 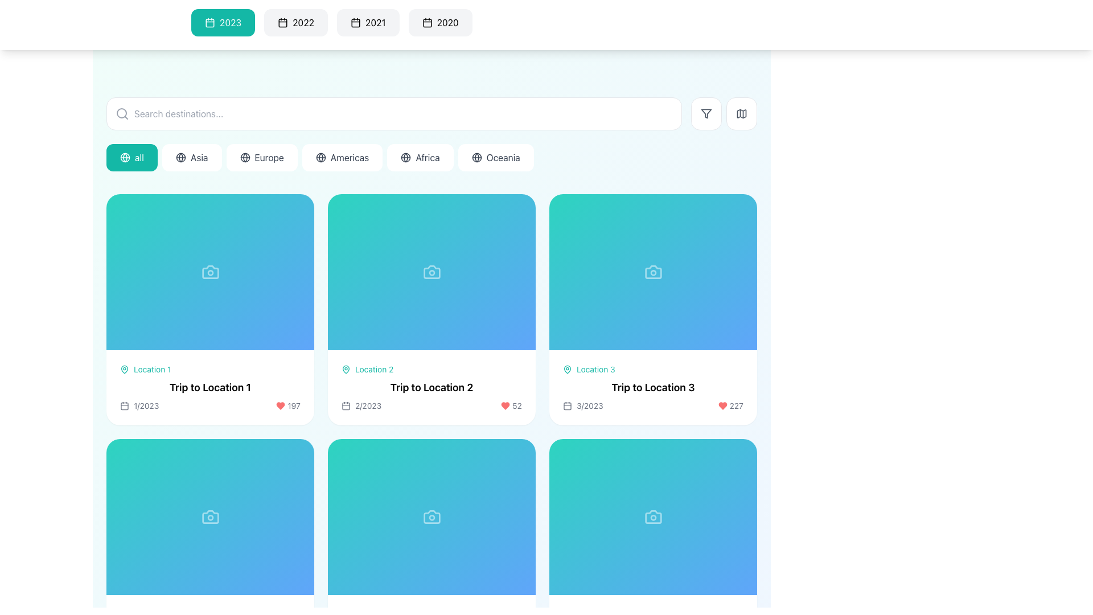 I want to click on the circular globe icon representing geographical categories, so click(x=406, y=158).